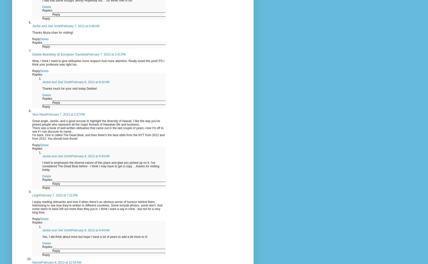 The height and width of the screenshot is (264, 428). What do you see at coordinates (97, 130) in the screenshot?
I see `'There was a book of well-written obituaries that came out in the last couple of years--now I'm off to see if I can discover its name...'` at bounding box center [97, 130].